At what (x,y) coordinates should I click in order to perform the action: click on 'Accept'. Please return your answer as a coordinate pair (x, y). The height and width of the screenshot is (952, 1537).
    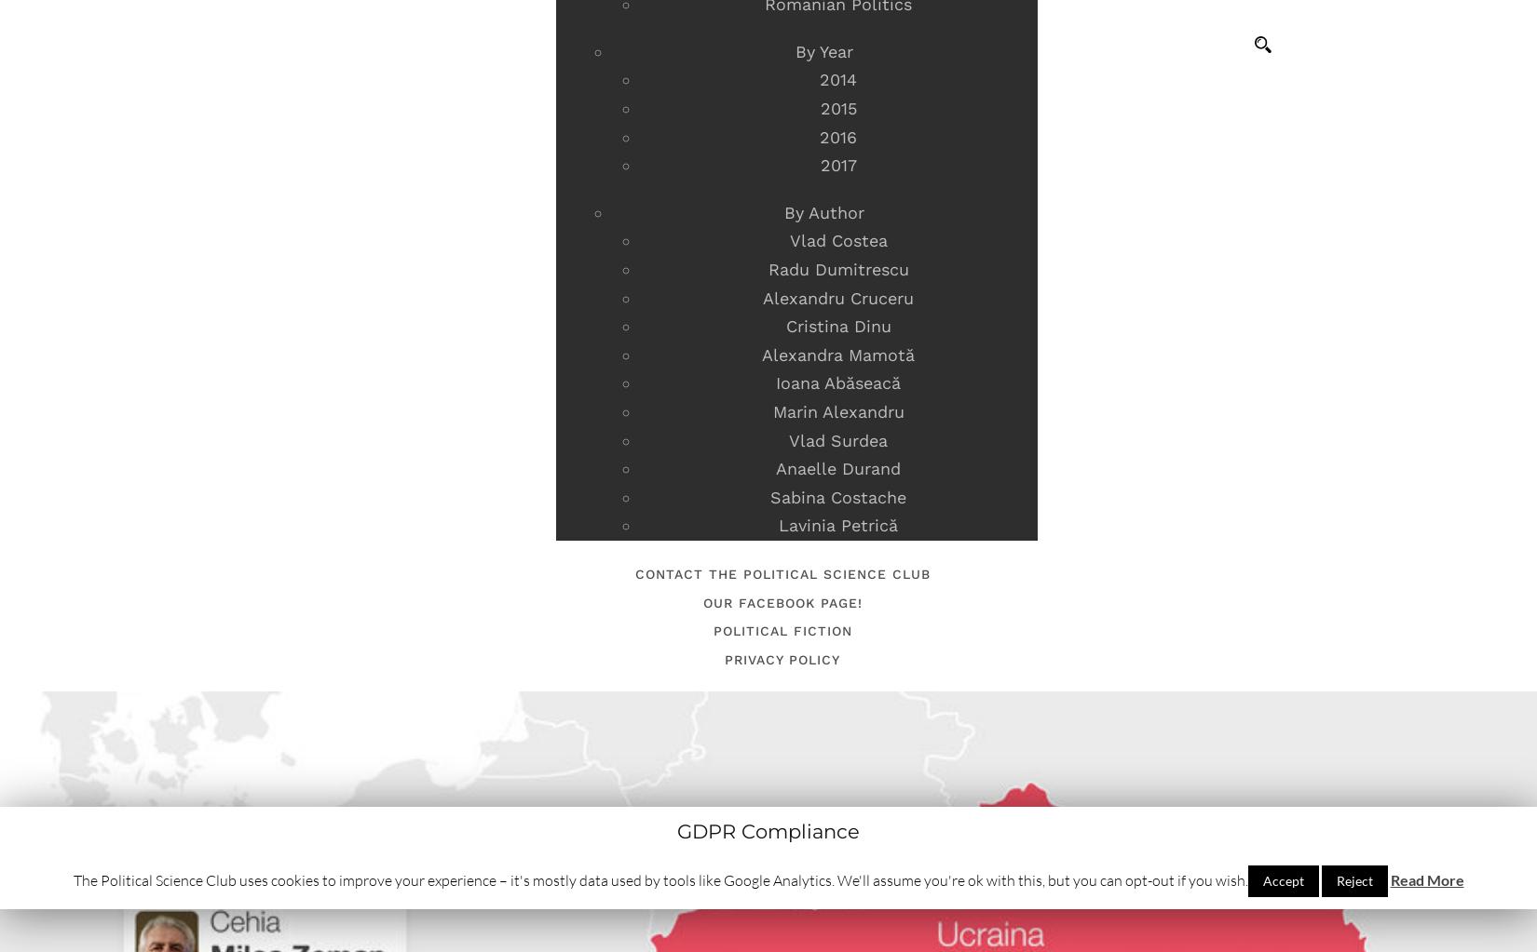
    Looking at the image, I should click on (1281, 880).